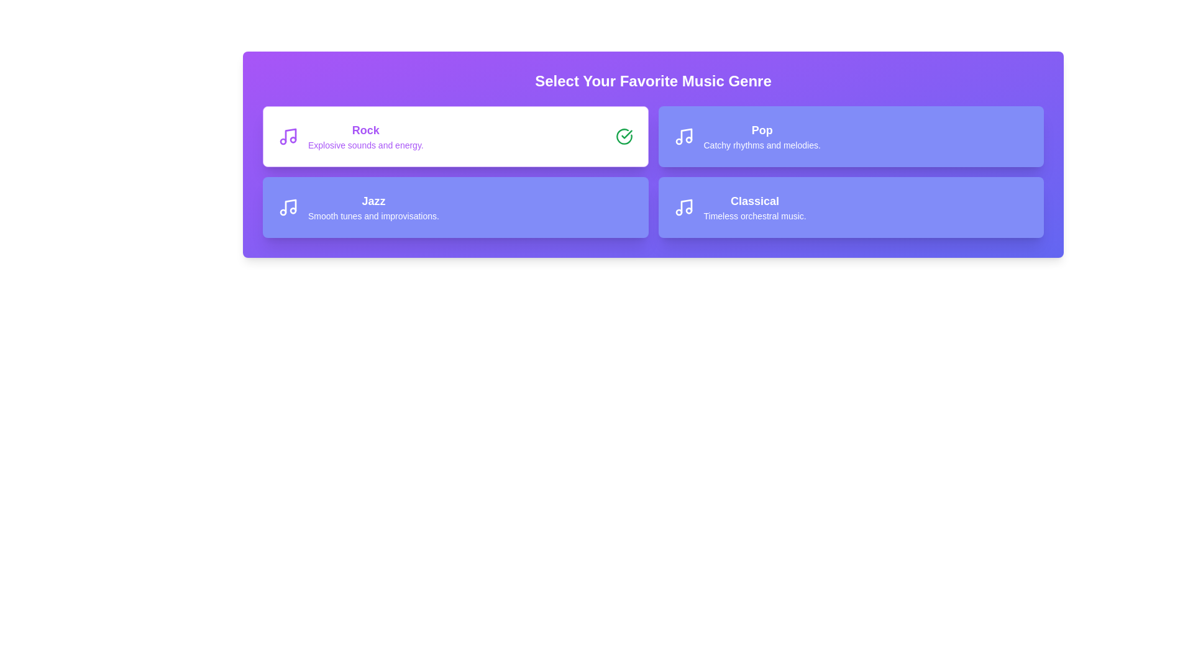  I want to click on the text label providing supplementary information about the 'Jazz' music genre, located directly below the 'Jazz' label within a blue rectangular card, so click(373, 215).